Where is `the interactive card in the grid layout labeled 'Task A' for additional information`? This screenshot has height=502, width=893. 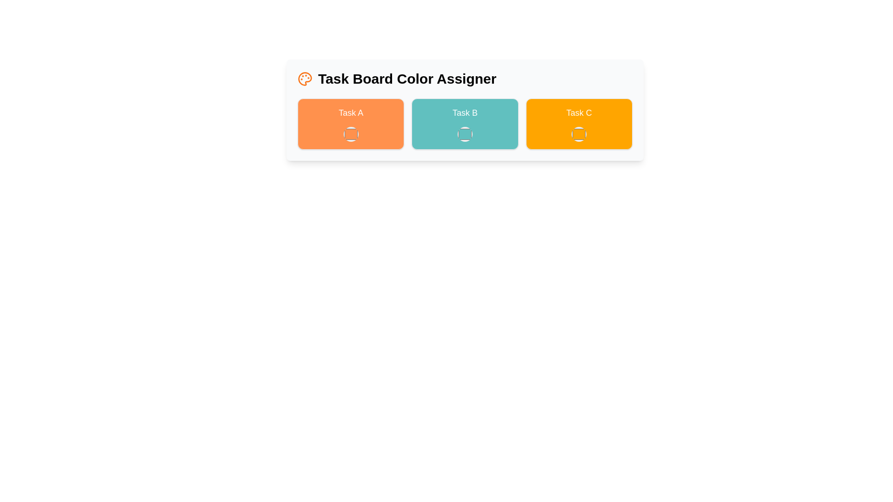 the interactive card in the grid layout labeled 'Task A' for additional information is located at coordinates (465, 123).